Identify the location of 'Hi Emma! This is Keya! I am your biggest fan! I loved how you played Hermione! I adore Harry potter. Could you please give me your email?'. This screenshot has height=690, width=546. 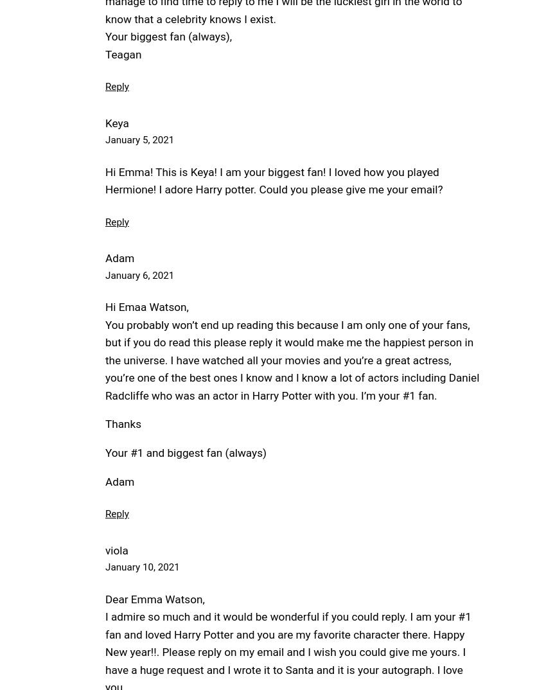
(273, 180).